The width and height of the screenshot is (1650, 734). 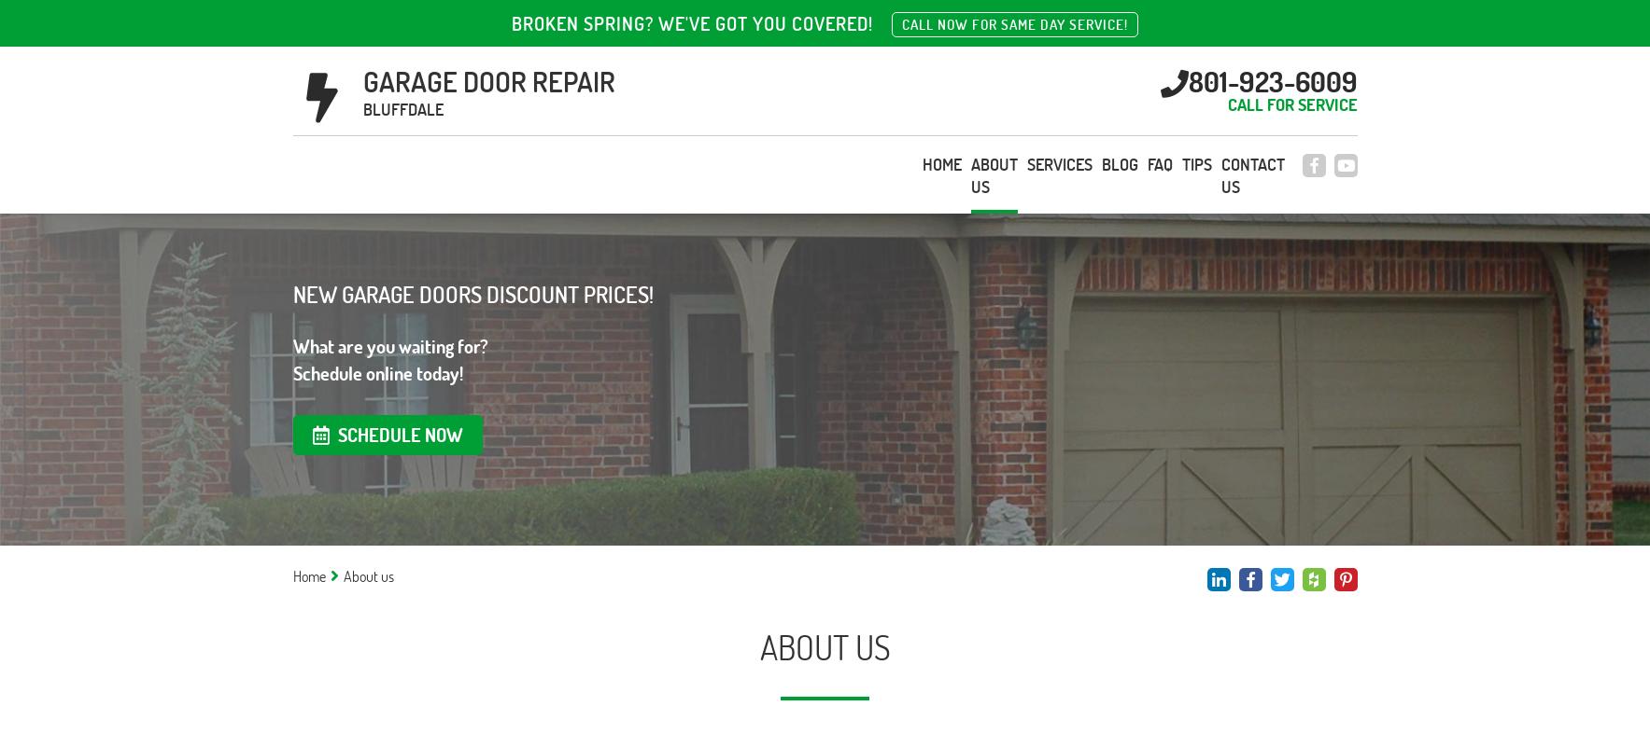 What do you see at coordinates (472, 293) in the screenshot?
I see `'New Garage Doors
Discount prices!'` at bounding box center [472, 293].